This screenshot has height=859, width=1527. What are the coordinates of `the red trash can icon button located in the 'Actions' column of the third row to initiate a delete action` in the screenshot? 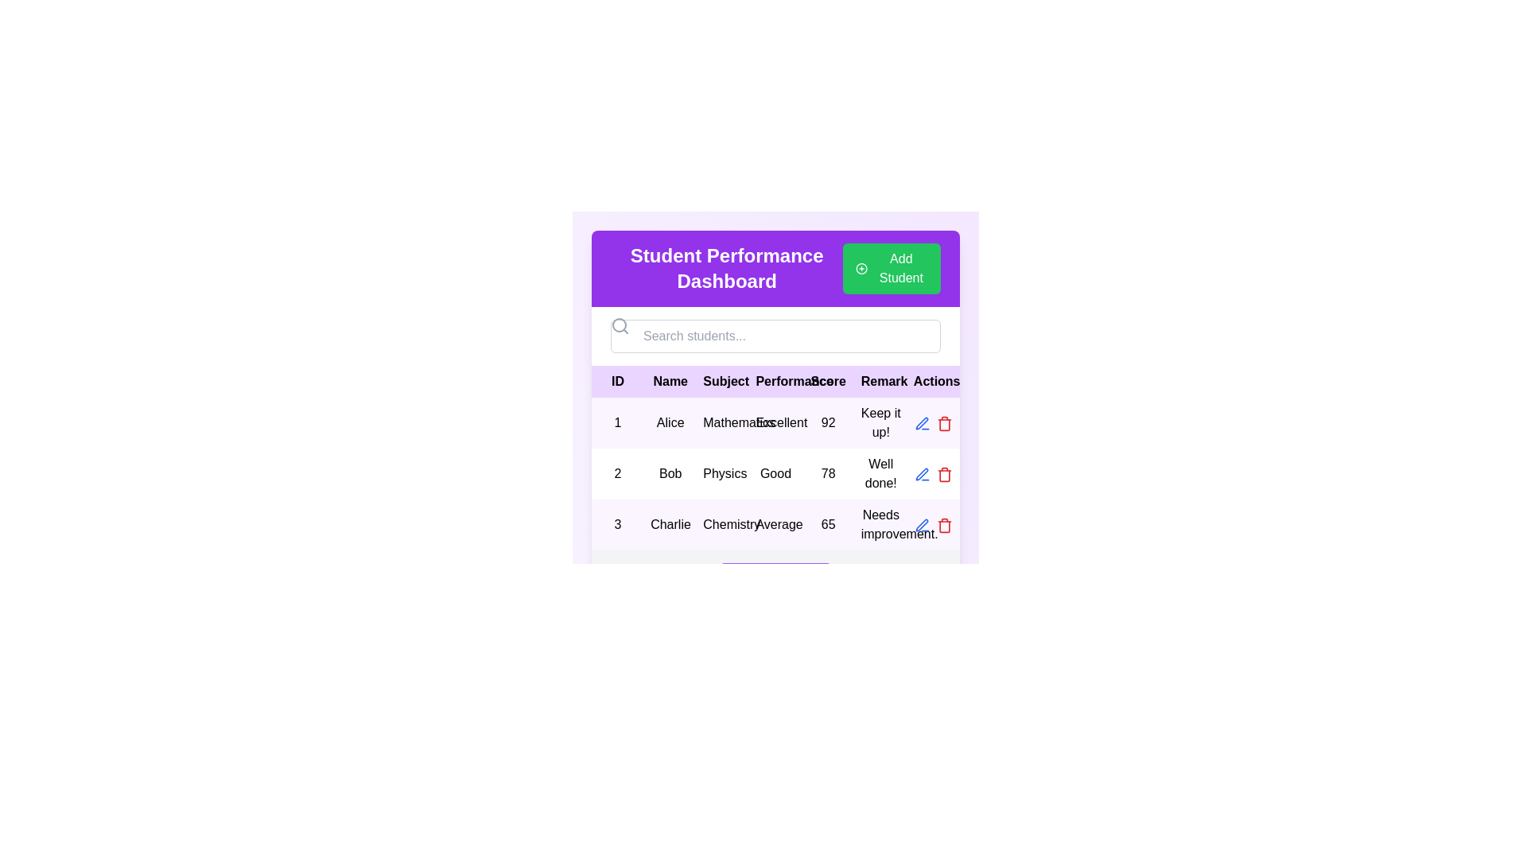 It's located at (944, 524).